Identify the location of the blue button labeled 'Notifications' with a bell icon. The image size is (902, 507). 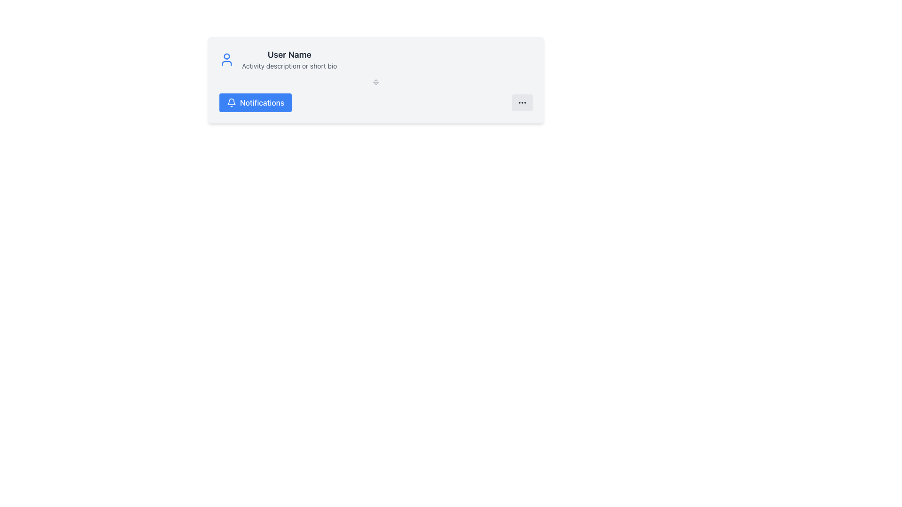
(255, 103).